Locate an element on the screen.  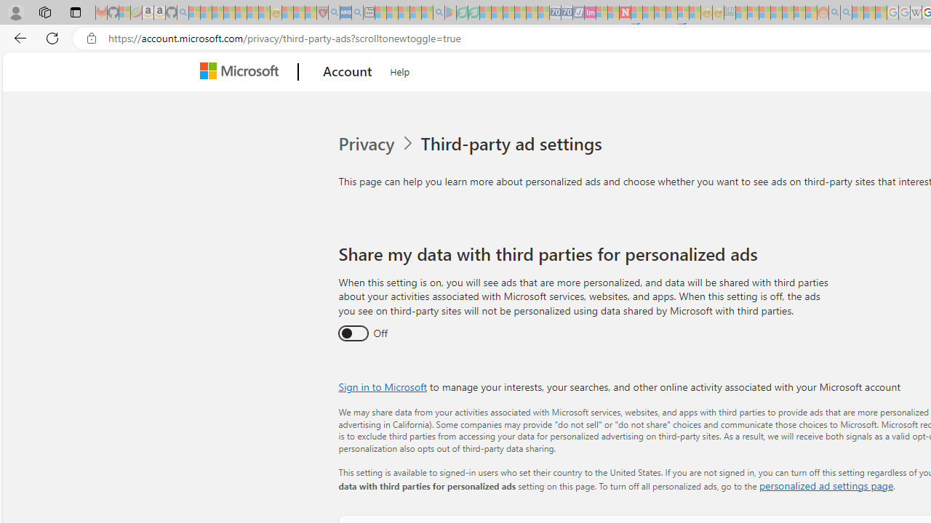
'Account' is located at coordinates (347, 72).